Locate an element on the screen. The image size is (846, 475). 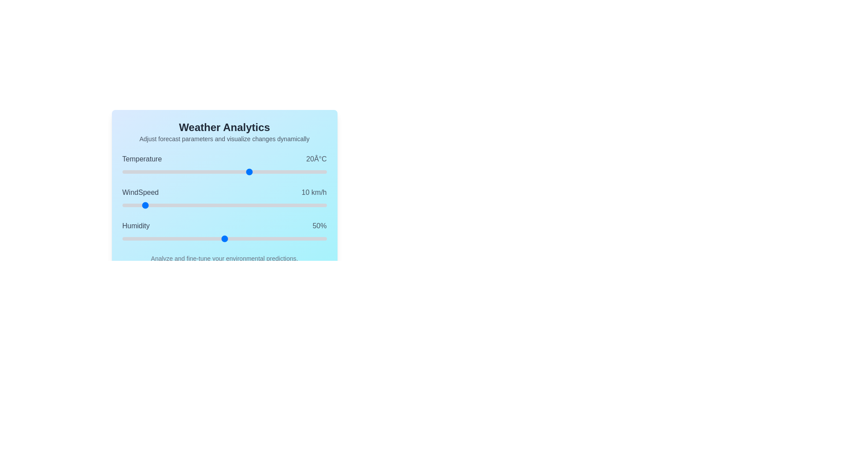
the Humidity slider to set its value to 57 is located at coordinates (239, 239).